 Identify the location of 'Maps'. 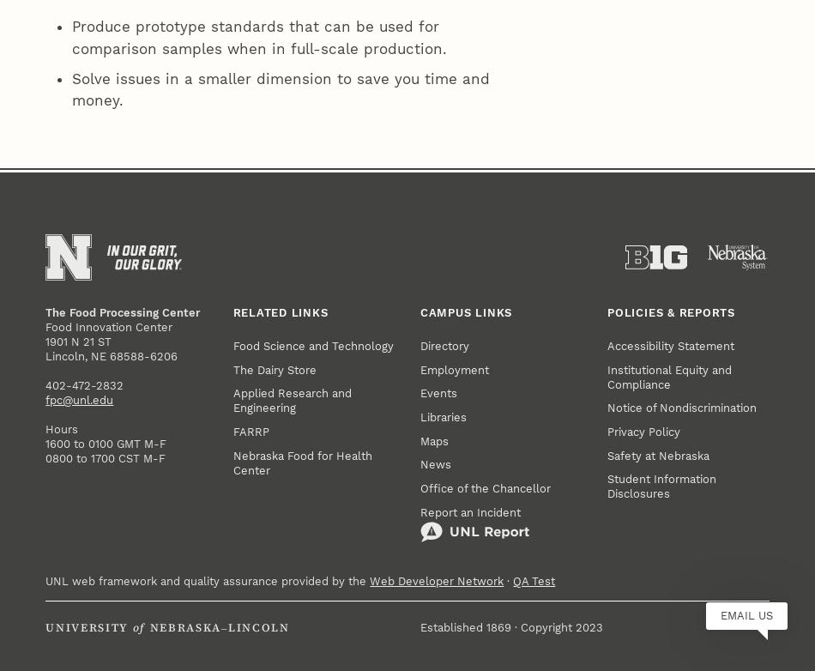
(420, 169).